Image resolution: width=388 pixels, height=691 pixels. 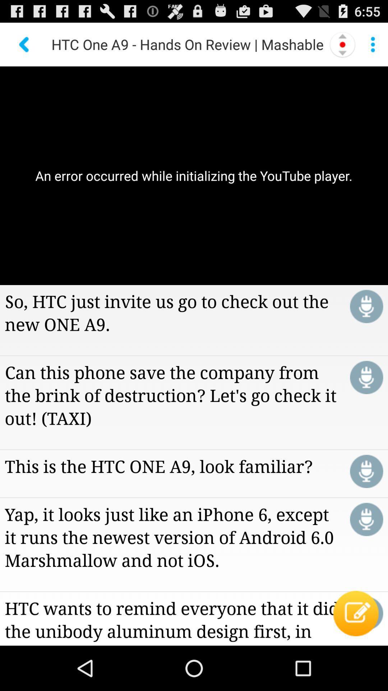 What do you see at coordinates (24, 44) in the screenshot?
I see `the app above the an error occurred icon` at bounding box center [24, 44].